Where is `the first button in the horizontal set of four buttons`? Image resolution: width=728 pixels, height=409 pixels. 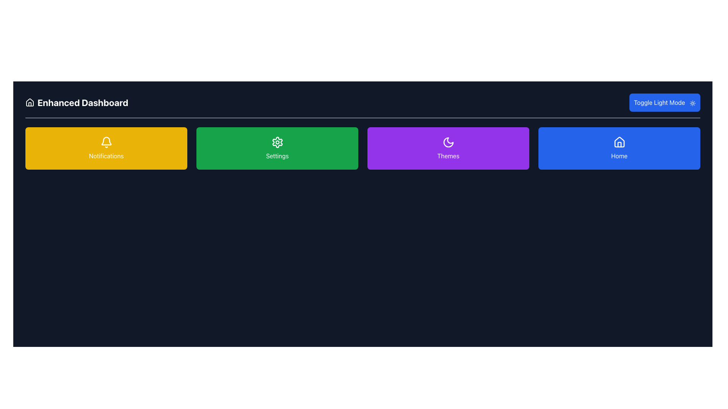 the first button in the horizontal set of four buttons is located at coordinates (106, 148).